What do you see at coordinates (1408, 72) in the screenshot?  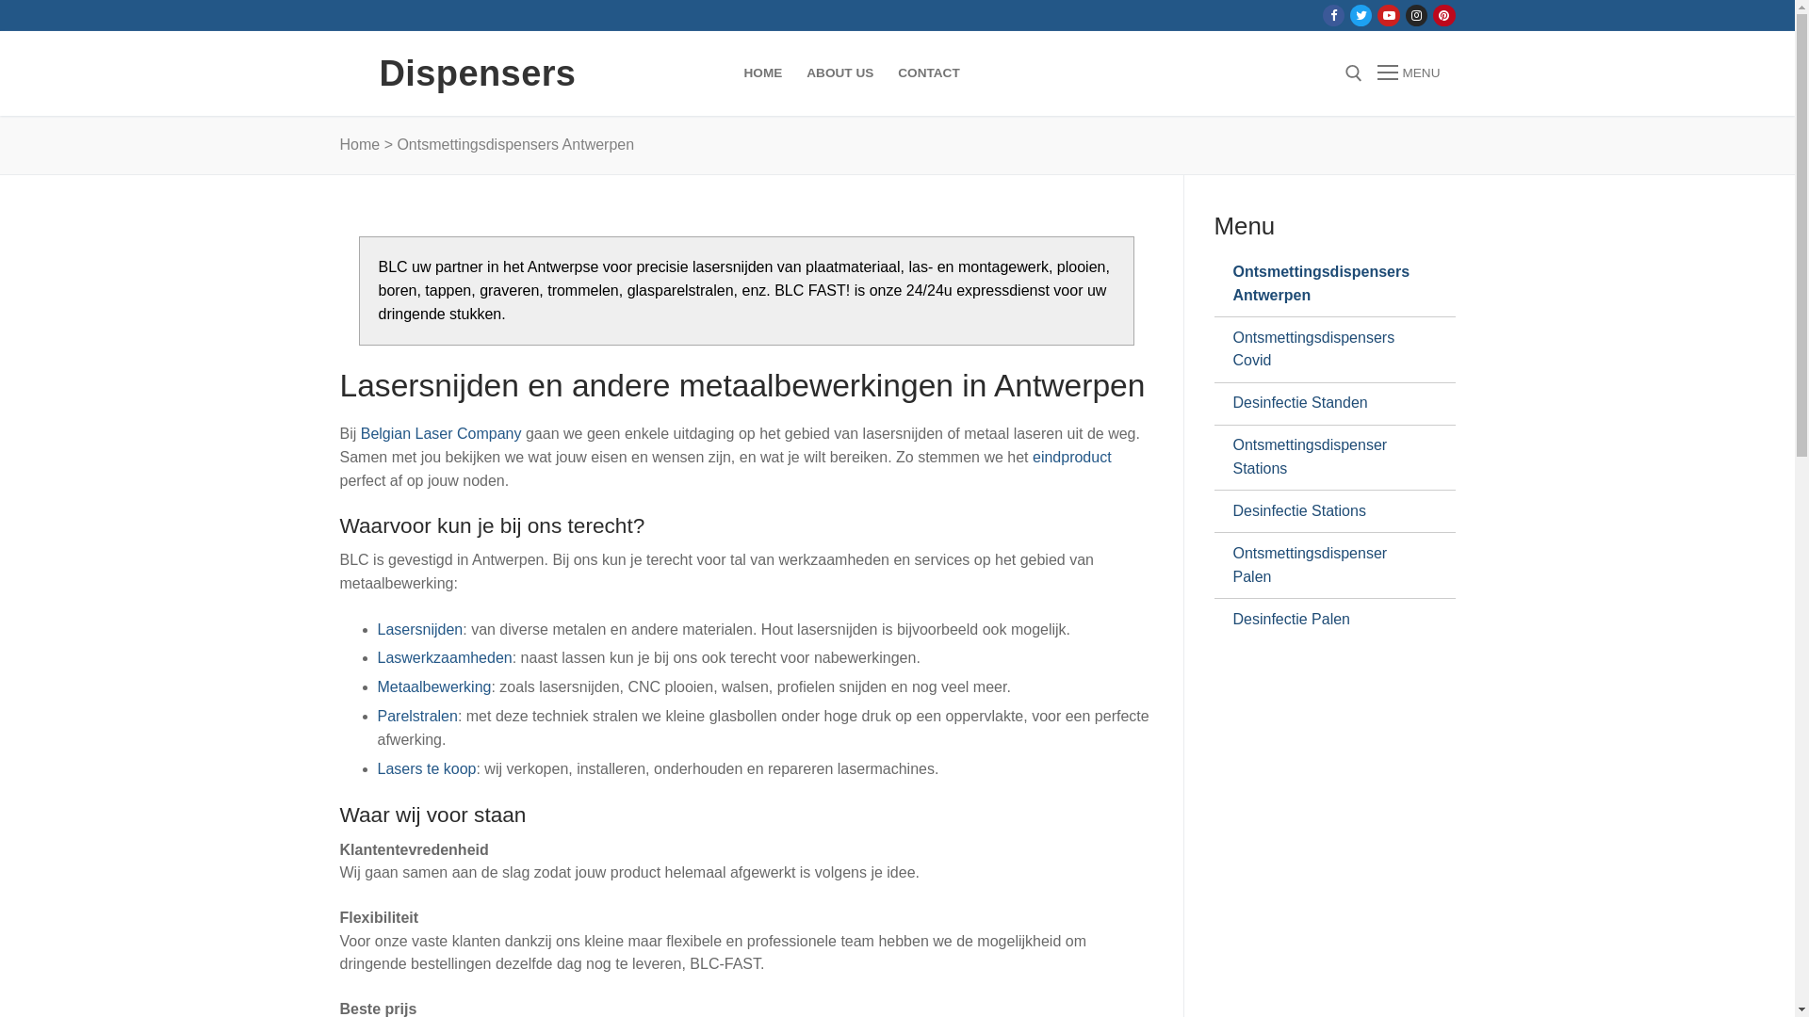 I see `'MENU'` at bounding box center [1408, 72].